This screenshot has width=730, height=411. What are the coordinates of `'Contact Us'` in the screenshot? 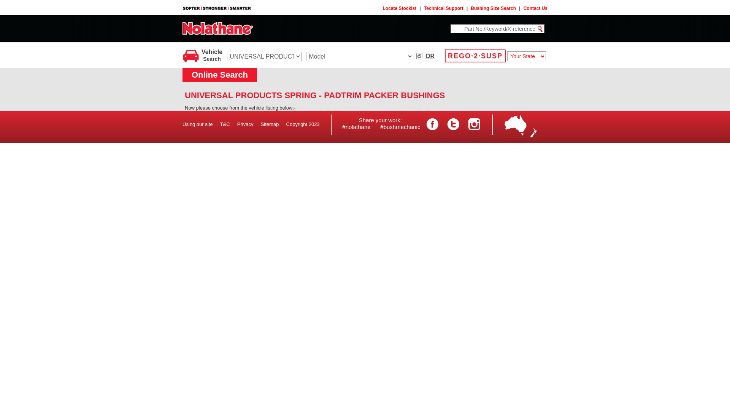 It's located at (535, 8).